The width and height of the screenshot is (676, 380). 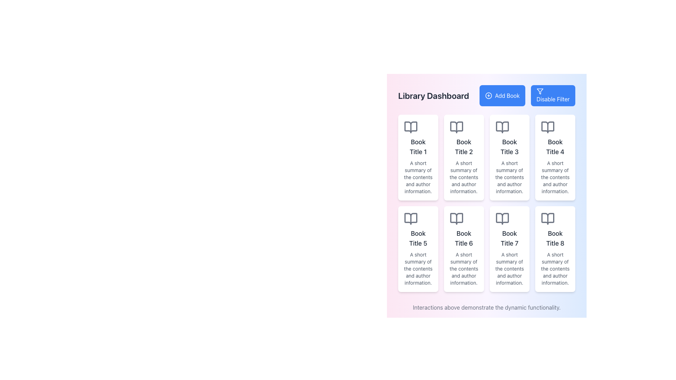 I want to click on the graphical representation of the funnel icon within the 'Disable Filter' button located at the top right of the interface, so click(x=539, y=91).